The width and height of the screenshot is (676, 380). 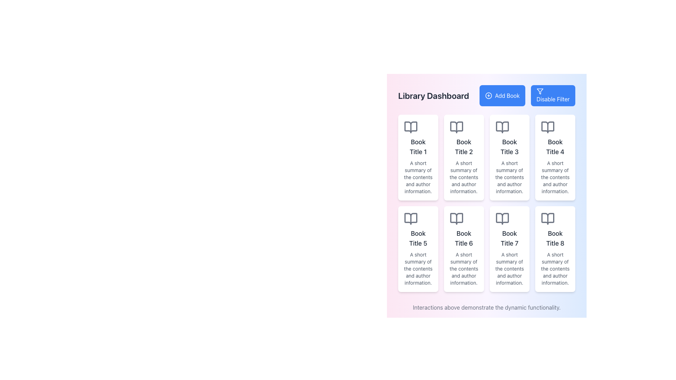 I want to click on the graphical representation of the funnel icon within the 'Disable Filter' button located at the top right of the interface, so click(x=539, y=91).